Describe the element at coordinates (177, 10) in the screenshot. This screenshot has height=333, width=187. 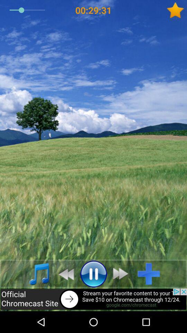
I see `rating` at that location.